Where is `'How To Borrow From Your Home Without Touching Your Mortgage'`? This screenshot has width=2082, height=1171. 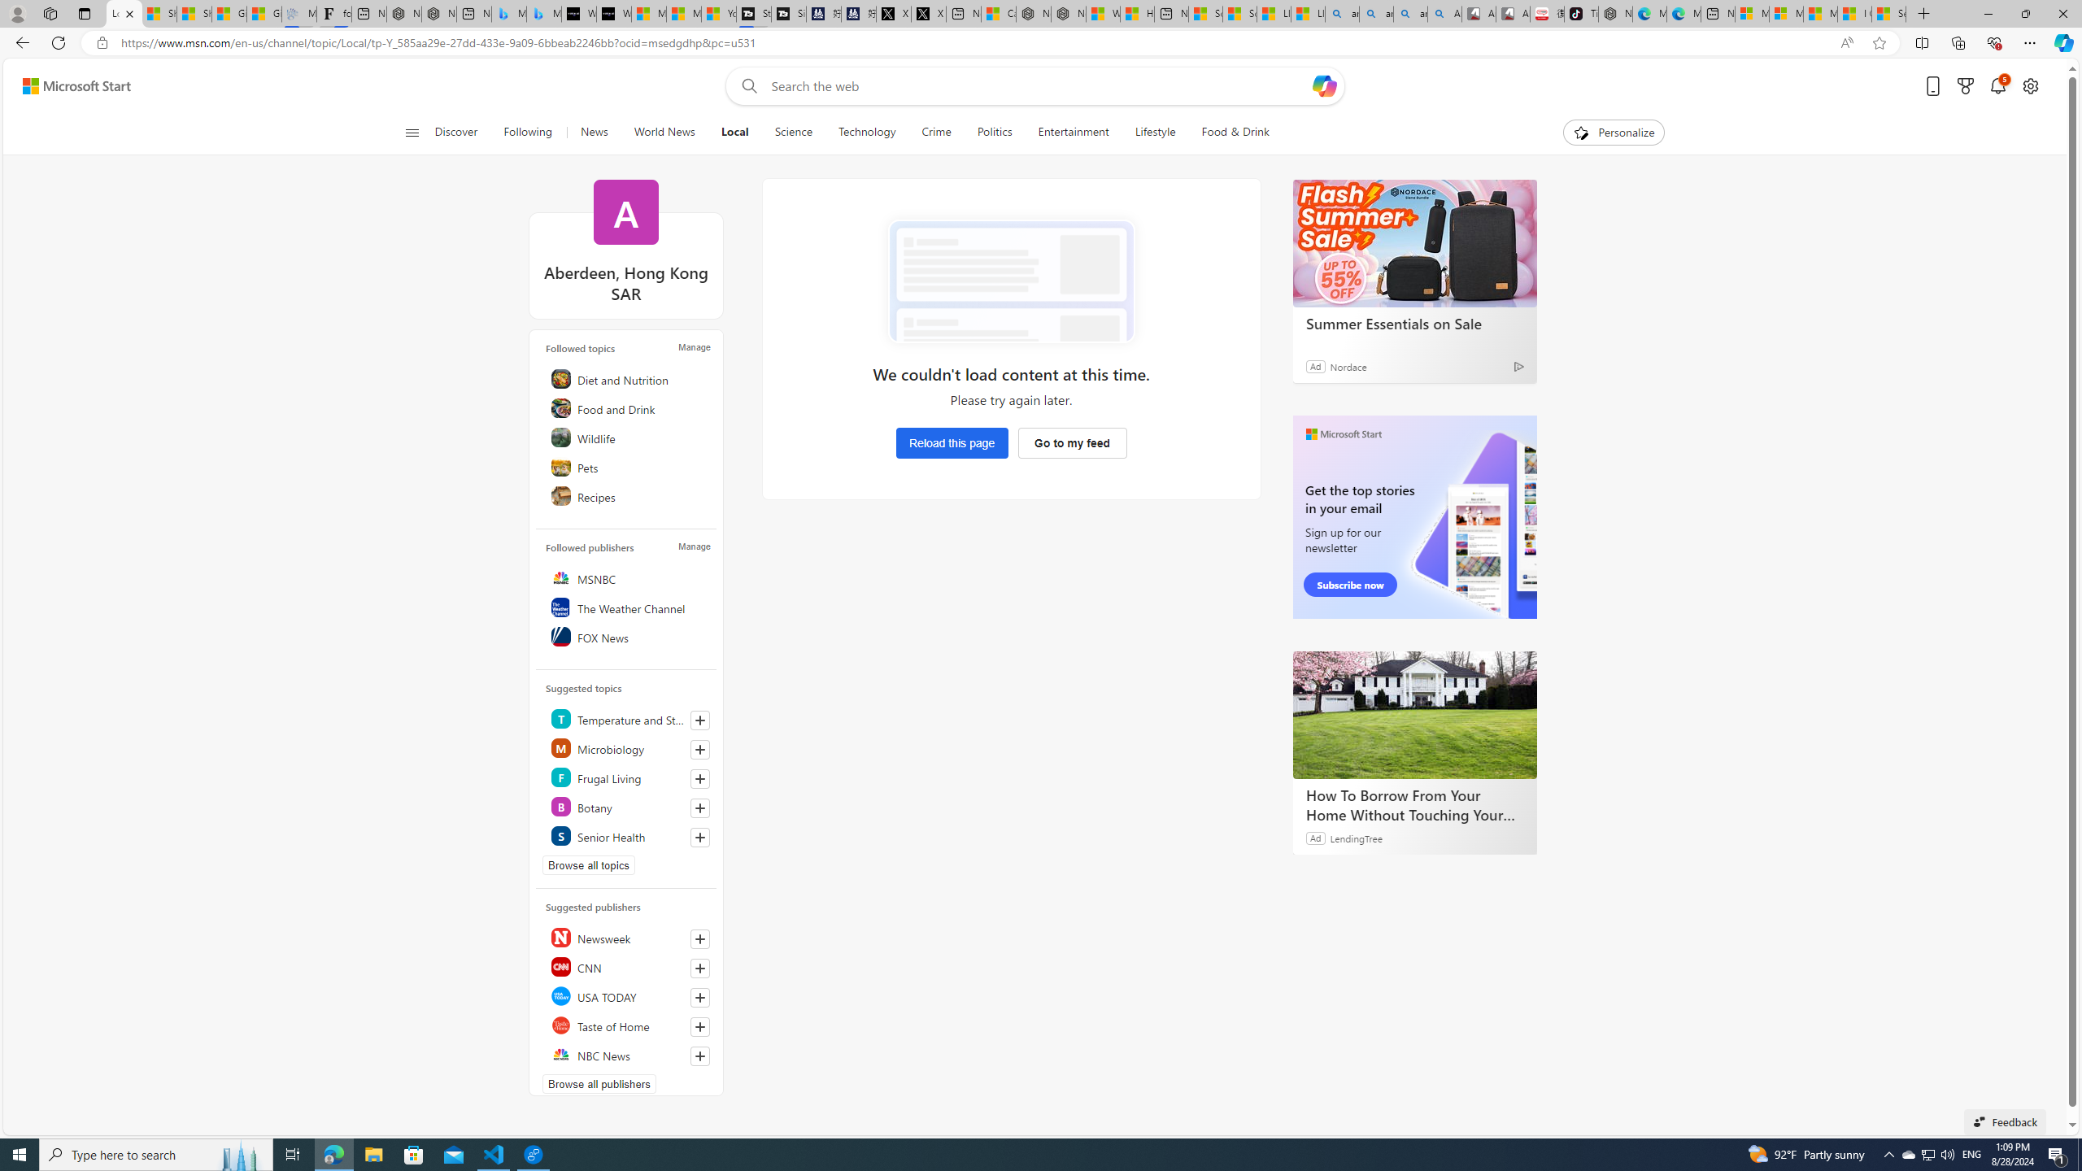 'How To Borrow From Your Home Without Touching Your Mortgage' is located at coordinates (1413, 714).